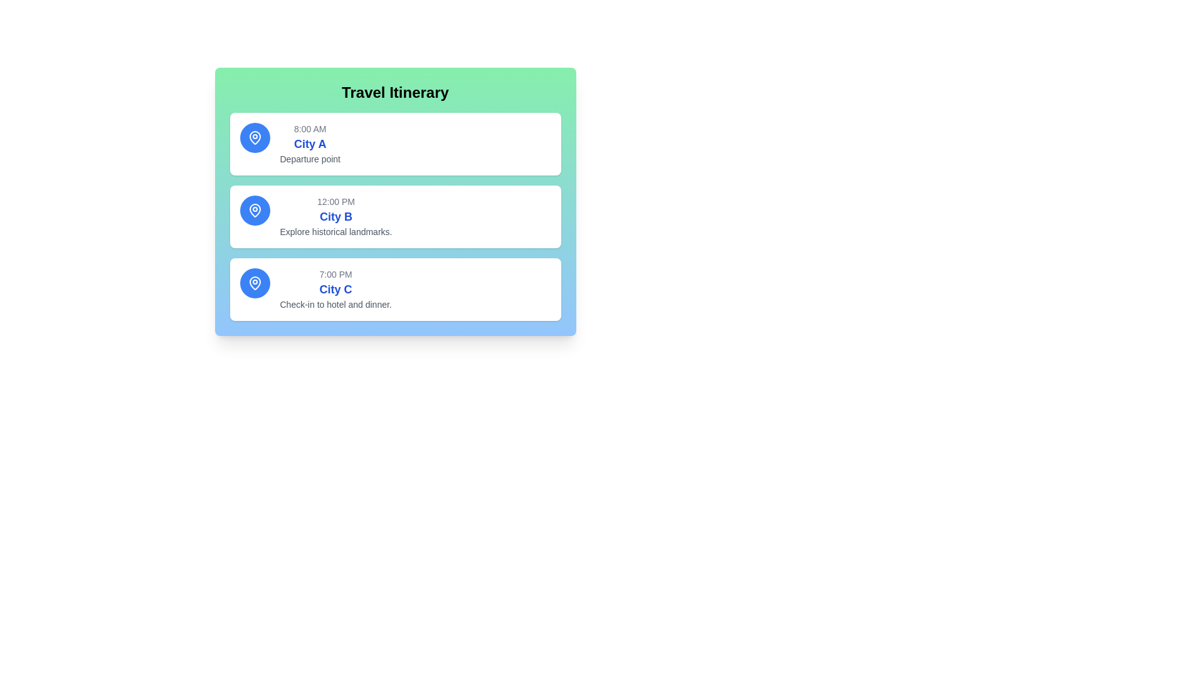 This screenshot has height=677, width=1204. I want to click on the Text label indicating the departure time for 'City A', located at the top of the itinerary card, so click(310, 129).